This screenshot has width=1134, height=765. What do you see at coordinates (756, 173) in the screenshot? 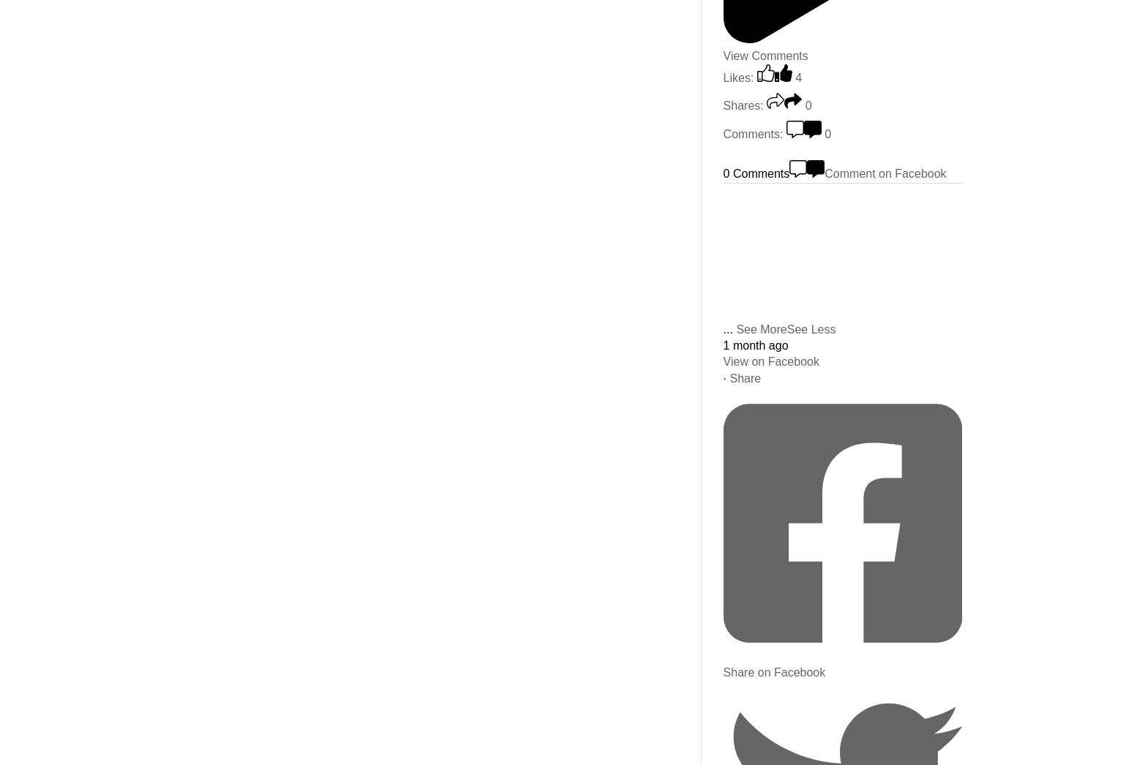
I see `'0 Comments'` at bounding box center [756, 173].